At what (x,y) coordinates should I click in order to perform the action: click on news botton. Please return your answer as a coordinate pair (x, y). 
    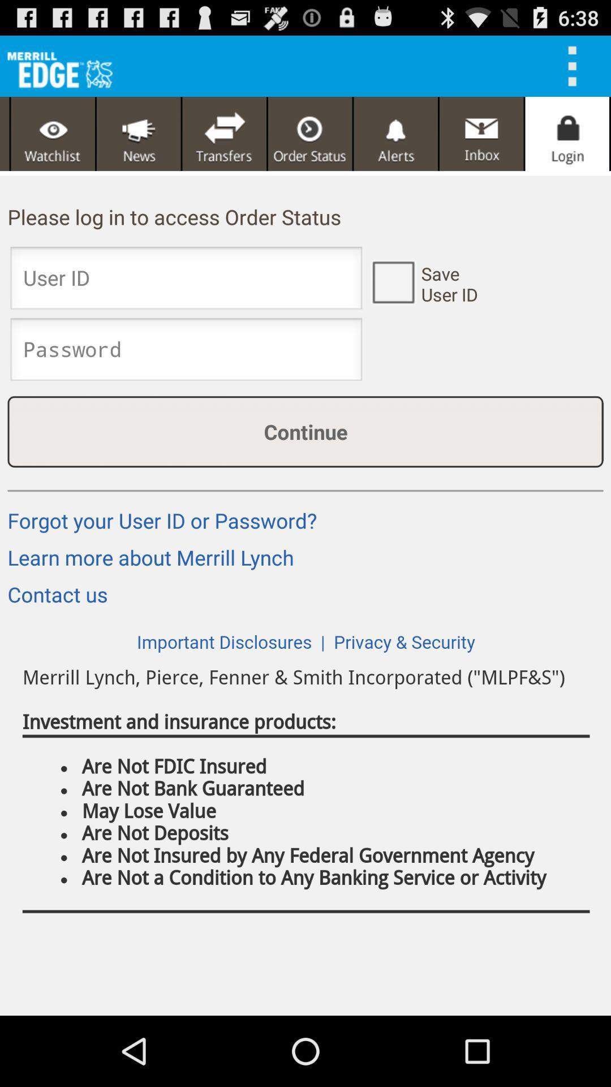
    Looking at the image, I should click on (138, 134).